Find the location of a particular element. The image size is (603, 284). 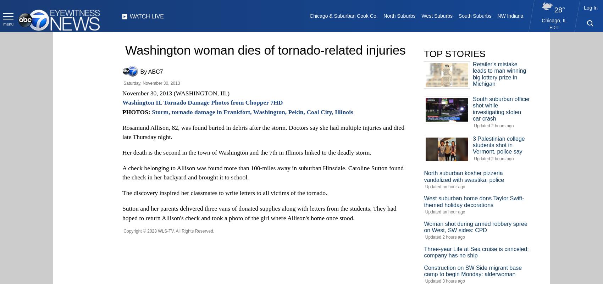

'Updated 3 hours ago' is located at coordinates (444, 280).